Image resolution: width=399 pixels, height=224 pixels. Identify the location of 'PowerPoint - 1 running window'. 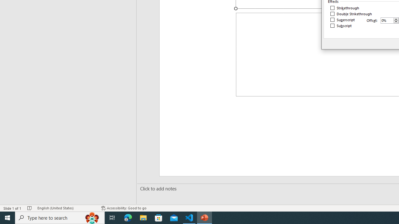
(204, 217).